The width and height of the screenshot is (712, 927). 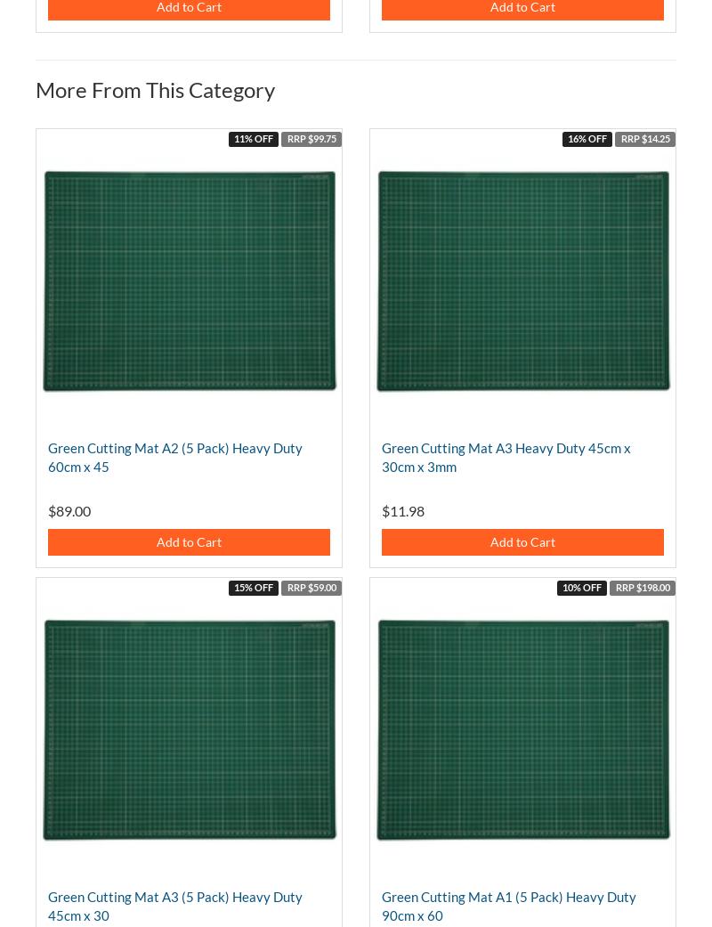 I want to click on 'Green Cutting Mat A3 (5 Pack) Heavy Duty 45cm x 30', so click(x=47, y=906).